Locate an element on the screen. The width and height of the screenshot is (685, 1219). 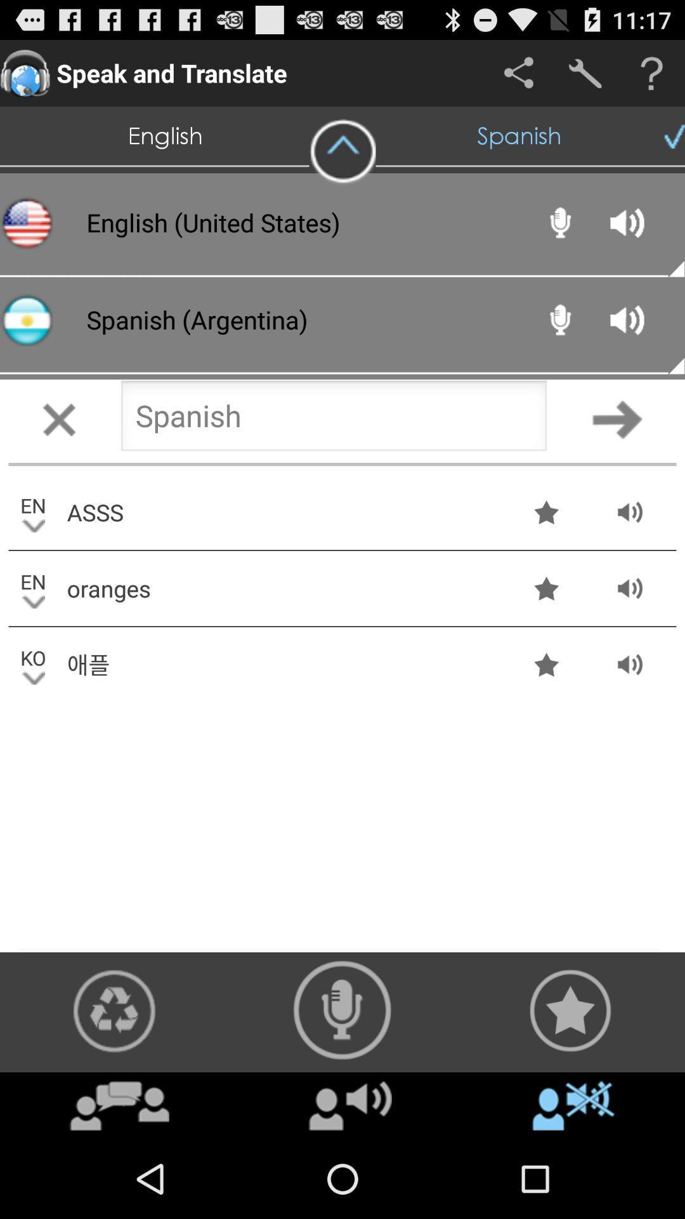
mic icon is located at coordinates (342, 1009).